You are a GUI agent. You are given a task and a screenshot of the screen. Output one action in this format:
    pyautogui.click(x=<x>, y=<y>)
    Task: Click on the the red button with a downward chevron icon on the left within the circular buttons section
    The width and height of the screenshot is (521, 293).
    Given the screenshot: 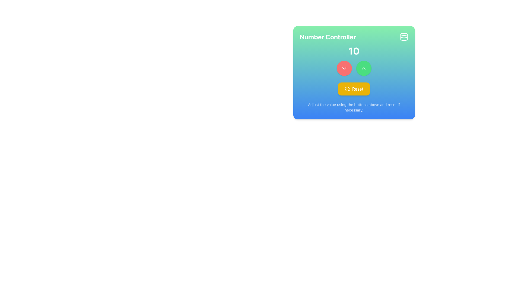 What is the action you would take?
    pyautogui.click(x=344, y=68)
    